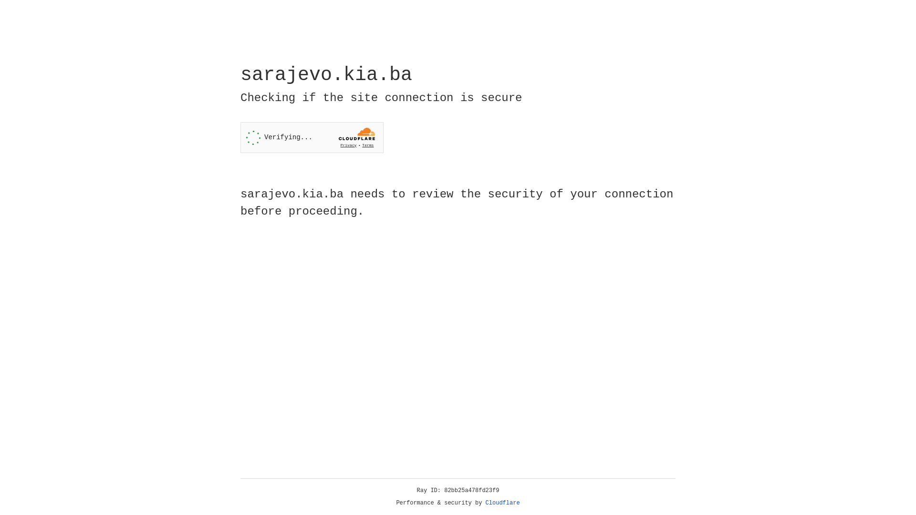 Image resolution: width=916 pixels, height=515 pixels. What do you see at coordinates (502, 503) in the screenshot?
I see `'Cloudflare'` at bounding box center [502, 503].